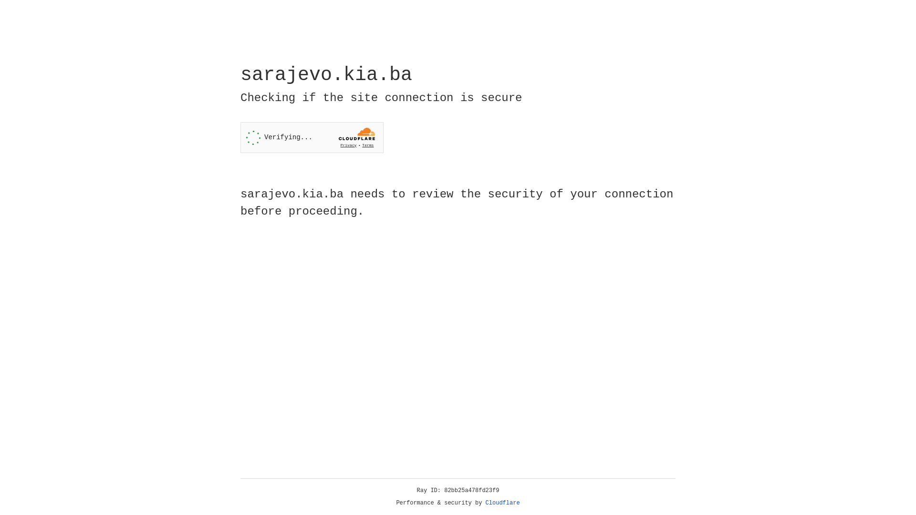 Image resolution: width=916 pixels, height=515 pixels. What do you see at coordinates (502, 503) in the screenshot?
I see `'Cloudflare'` at bounding box center [502, 503].